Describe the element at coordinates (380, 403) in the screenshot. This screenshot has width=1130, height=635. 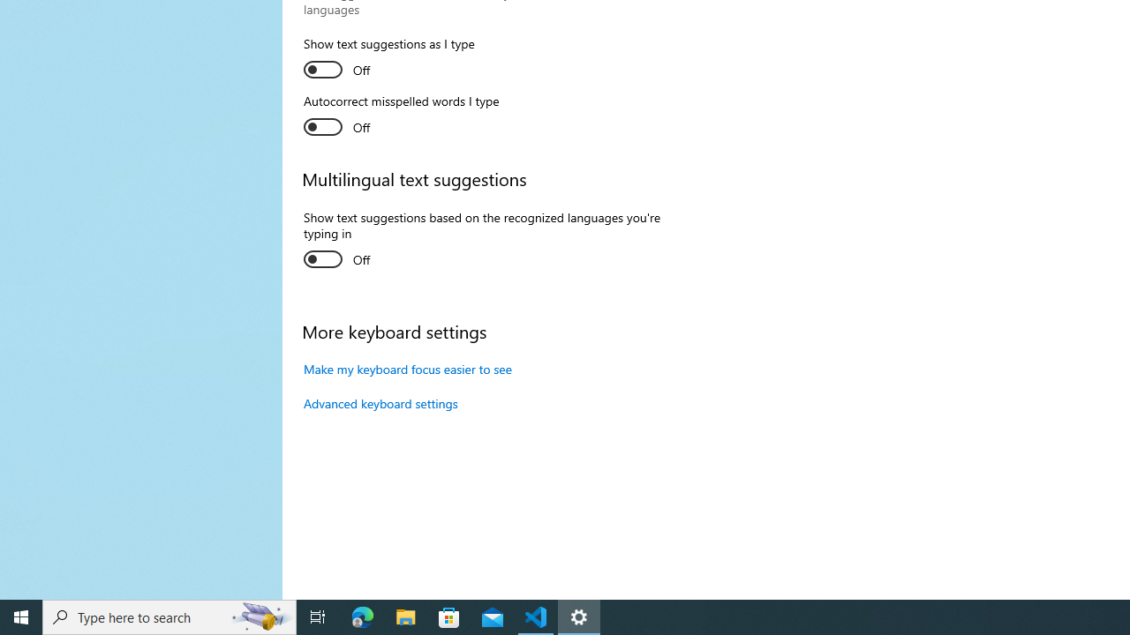
I see `'Advanced keyboard settings'` at that location.